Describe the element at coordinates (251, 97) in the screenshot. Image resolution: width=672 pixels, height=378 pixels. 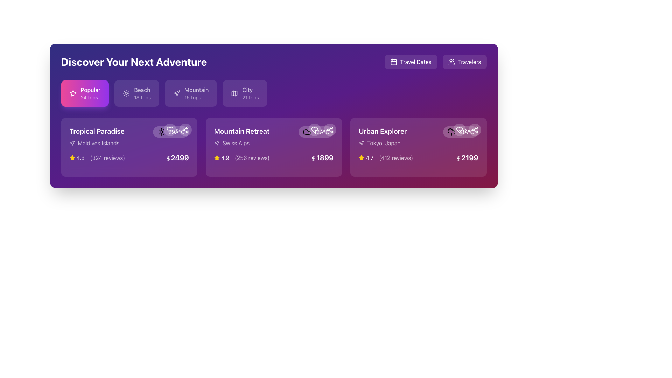
I see `text label displaying '21 trips' located below the 'City' label inside a rounded purple button` at that location.